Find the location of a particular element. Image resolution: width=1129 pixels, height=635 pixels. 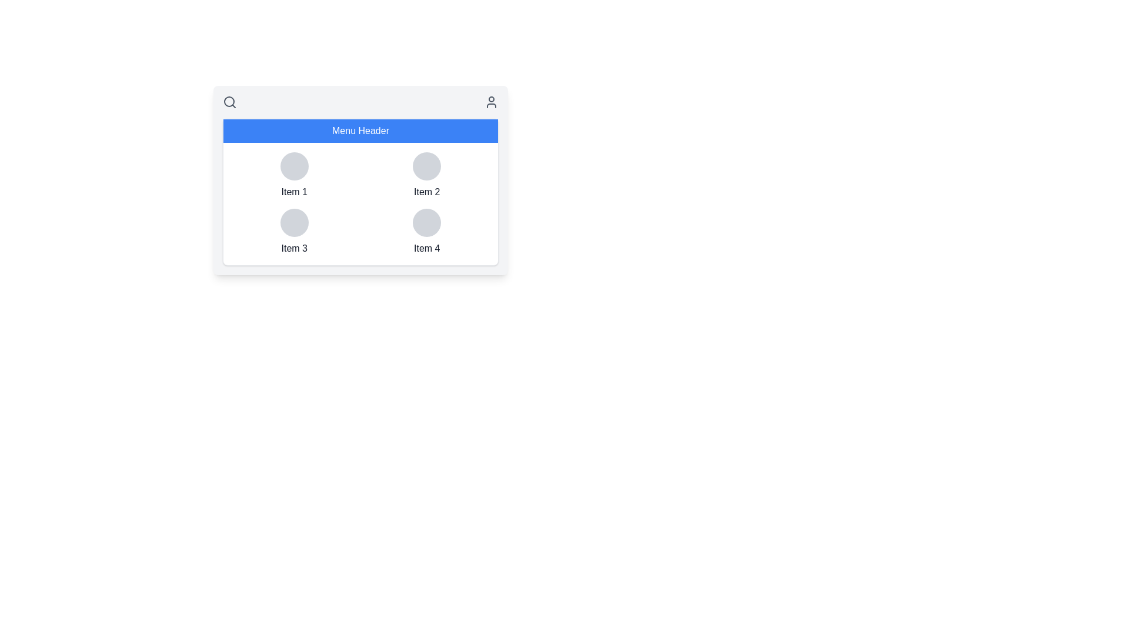

the prominent gray circle associated with 'Item 4', located in the bottom-right corner of a 2x2 grid layout is located at coordinates (426, 222).